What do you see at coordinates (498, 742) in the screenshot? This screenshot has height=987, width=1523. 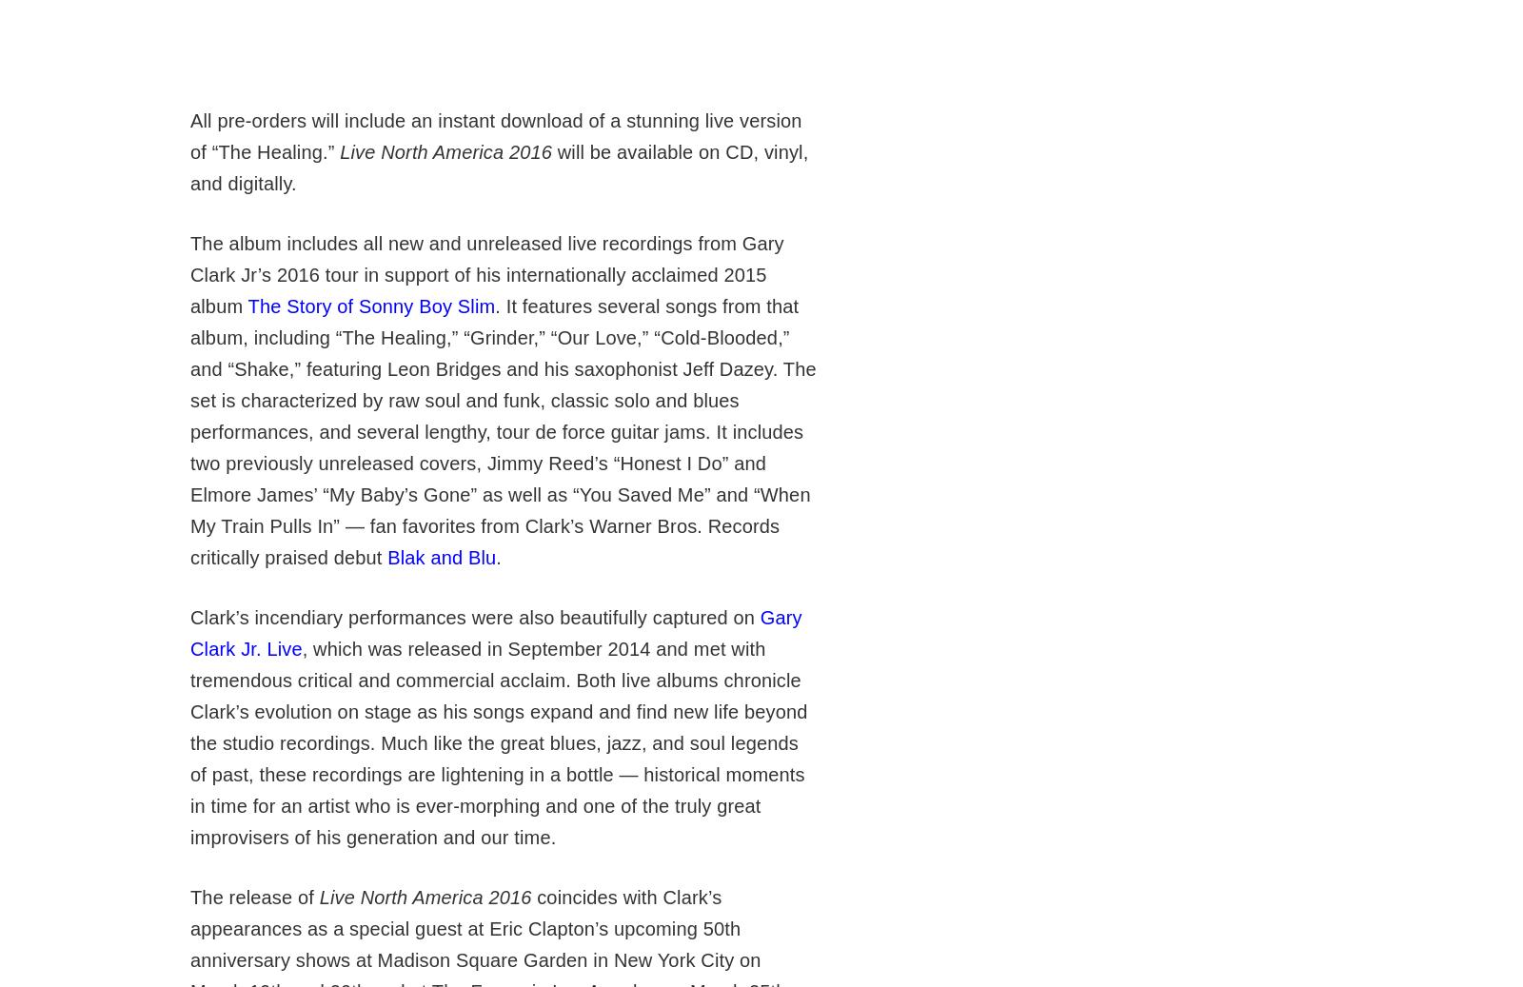 I see `', which was released in September 2014 and met with tremendous critical and commercial acclaim. Both live albums chronicle Clark’s evolution on stage as his songs expand and find new life beyond the studio recordings. Much like the great blues, jazz, and soul legends of past, these recordings are lightening in a bottle — historical moments in time for an artist who is ever-morphing and one of the truly great improvisers of his generation and our time.'` at bounding box center [498, 742].